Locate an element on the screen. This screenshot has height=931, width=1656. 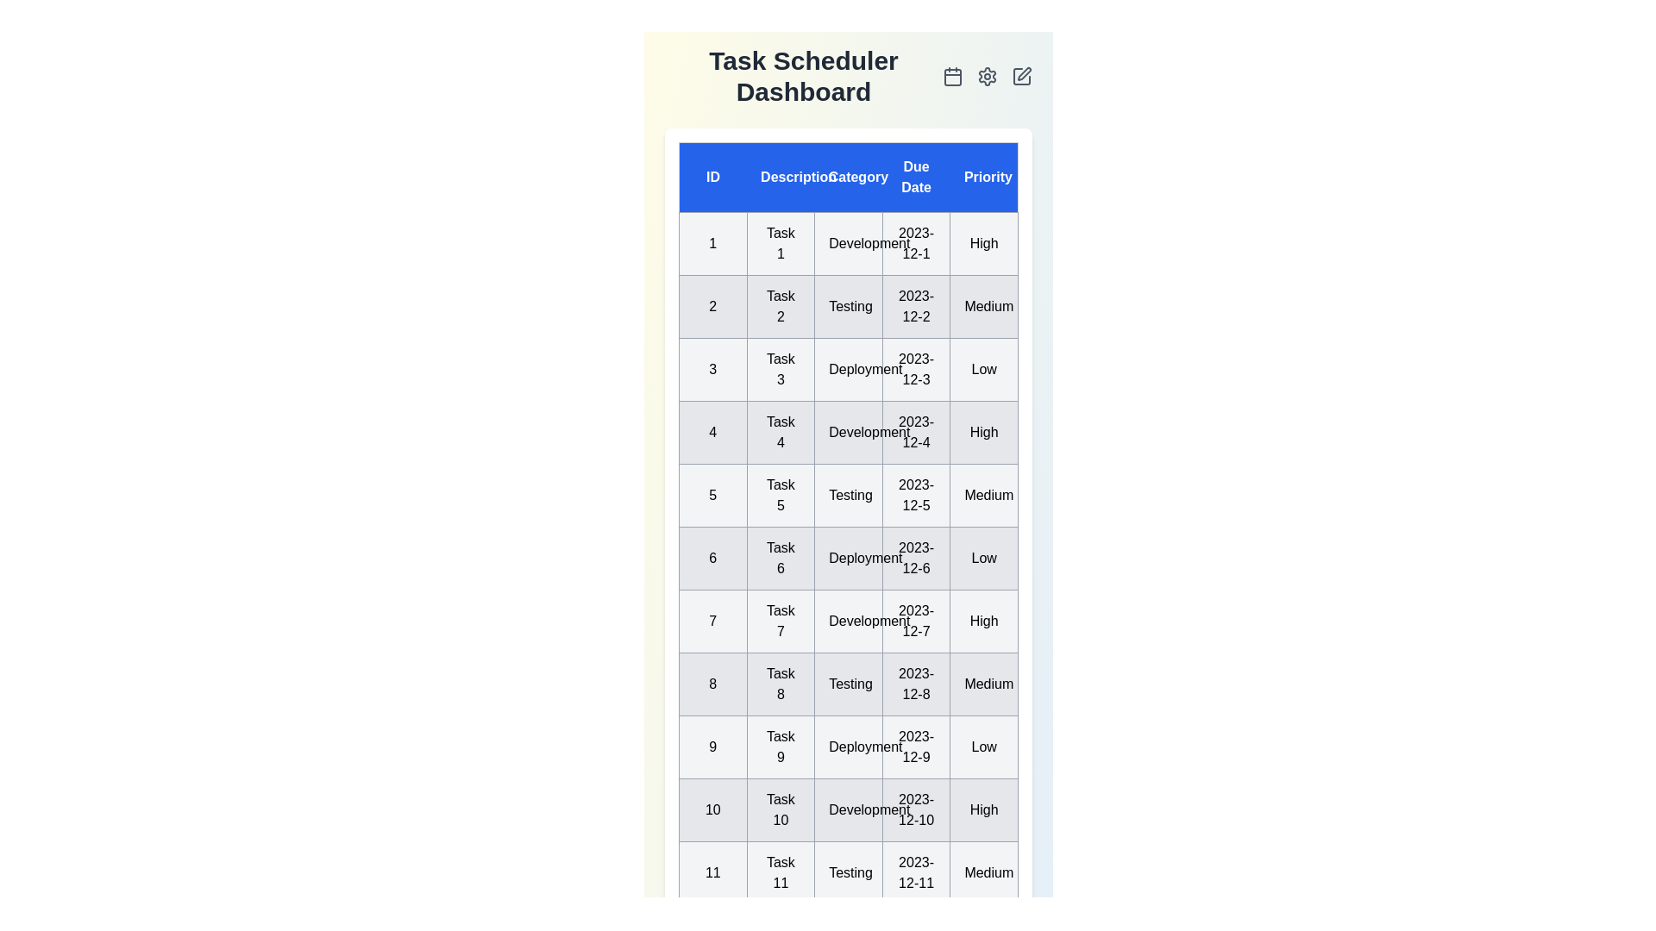
the calendar icon to access the calendar view is located at coordinates (951, 75).